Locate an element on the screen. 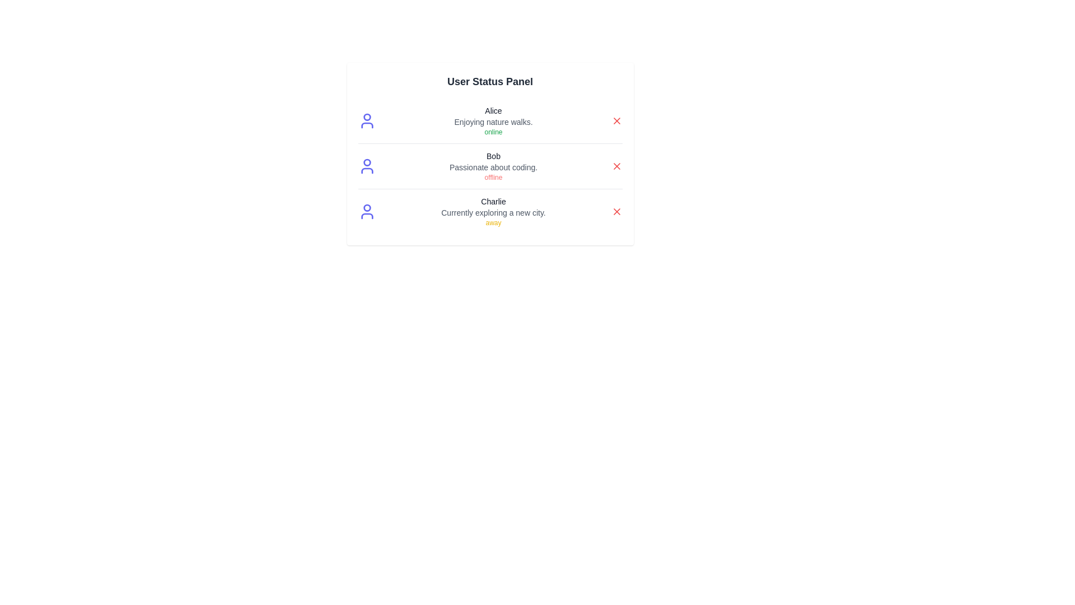  the small light yellow text label containing the text 'away', which is located below the description text in the 'Charlie' user block of the User Status Panel is located at coordinates (493, 222).